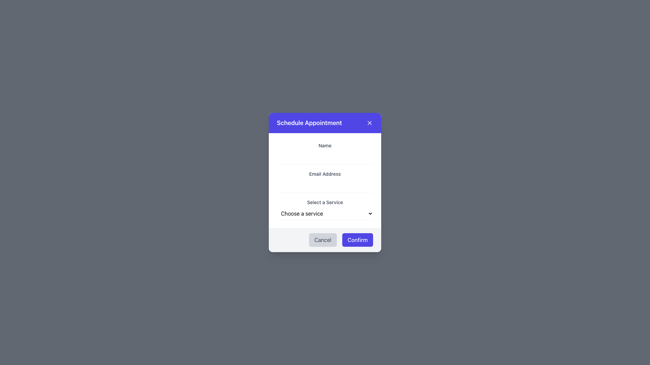 The width and height of the screenshot is (650, 365). What do you see at coordinates (325, 214) in the screenshot?
I see `options in the dropdown menu labeled 'Choose a service' located in the 'Schedule Appointment' modal` at bounding box center [325, 214].